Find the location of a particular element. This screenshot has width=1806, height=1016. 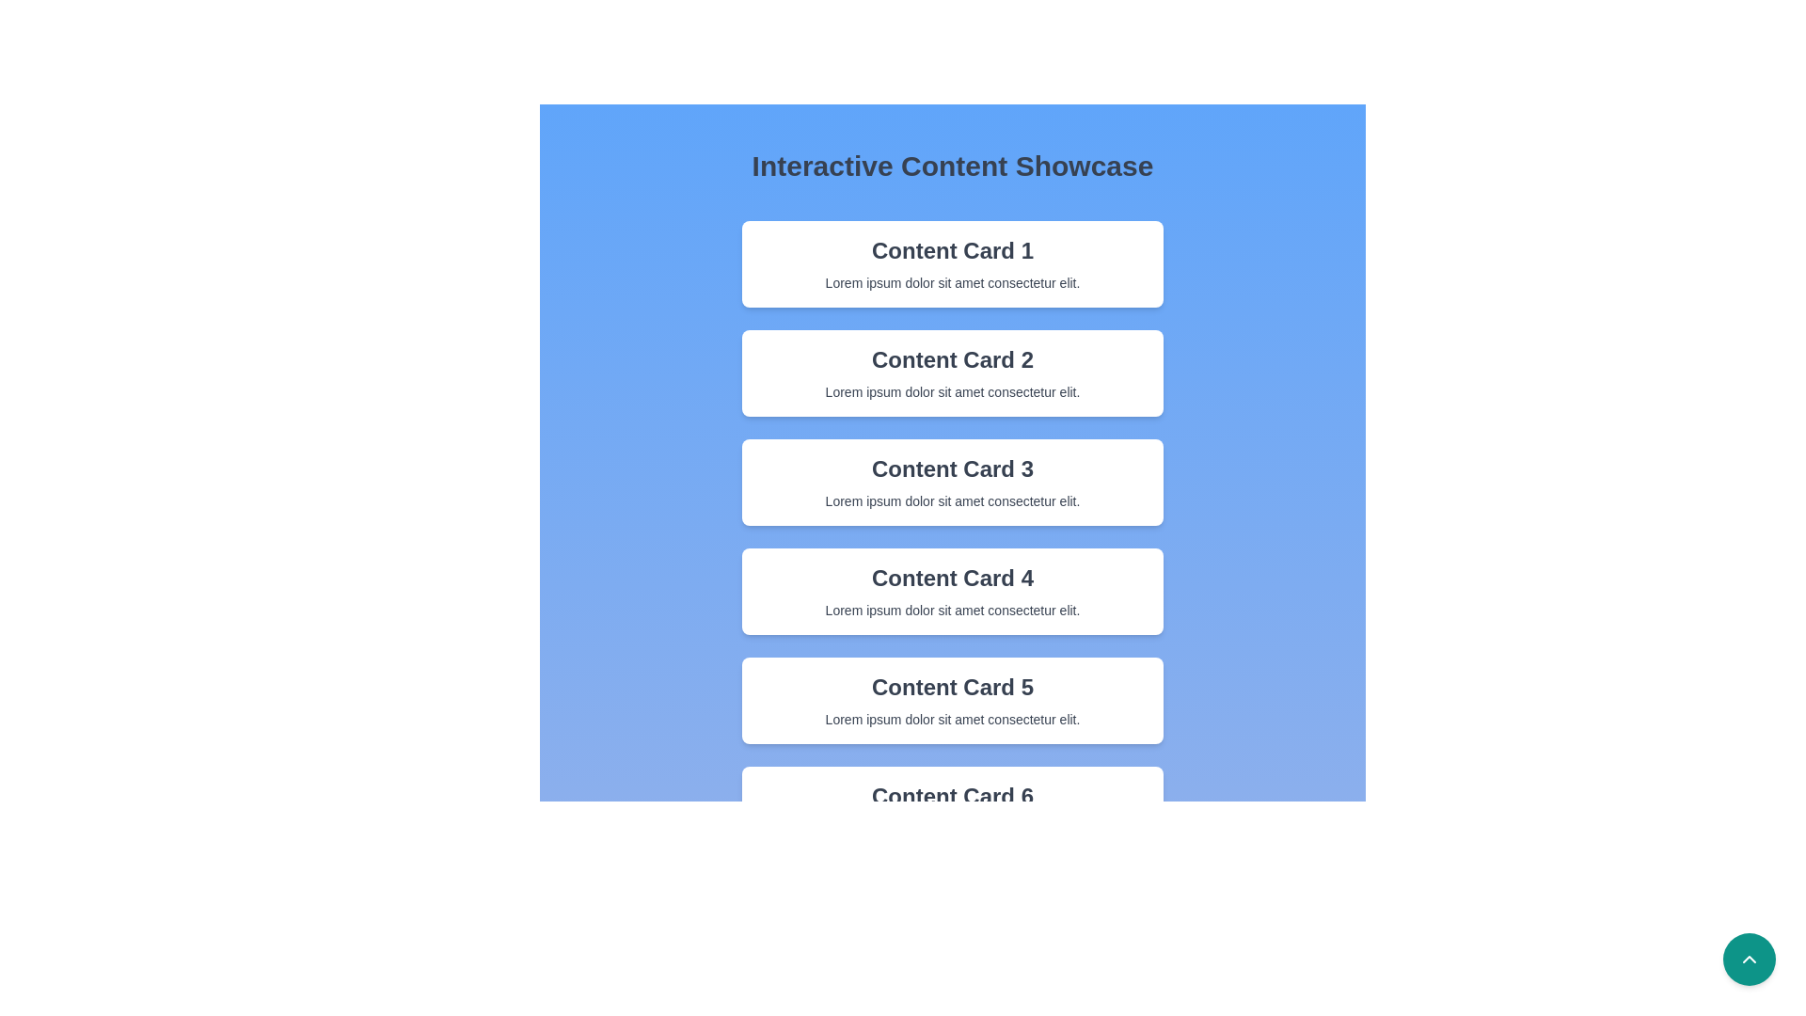

the text label that serves as the title for the bottom-most card in the vertically stacked list, ensuring accessibility is prioritized is located at coordinates (952, 797).